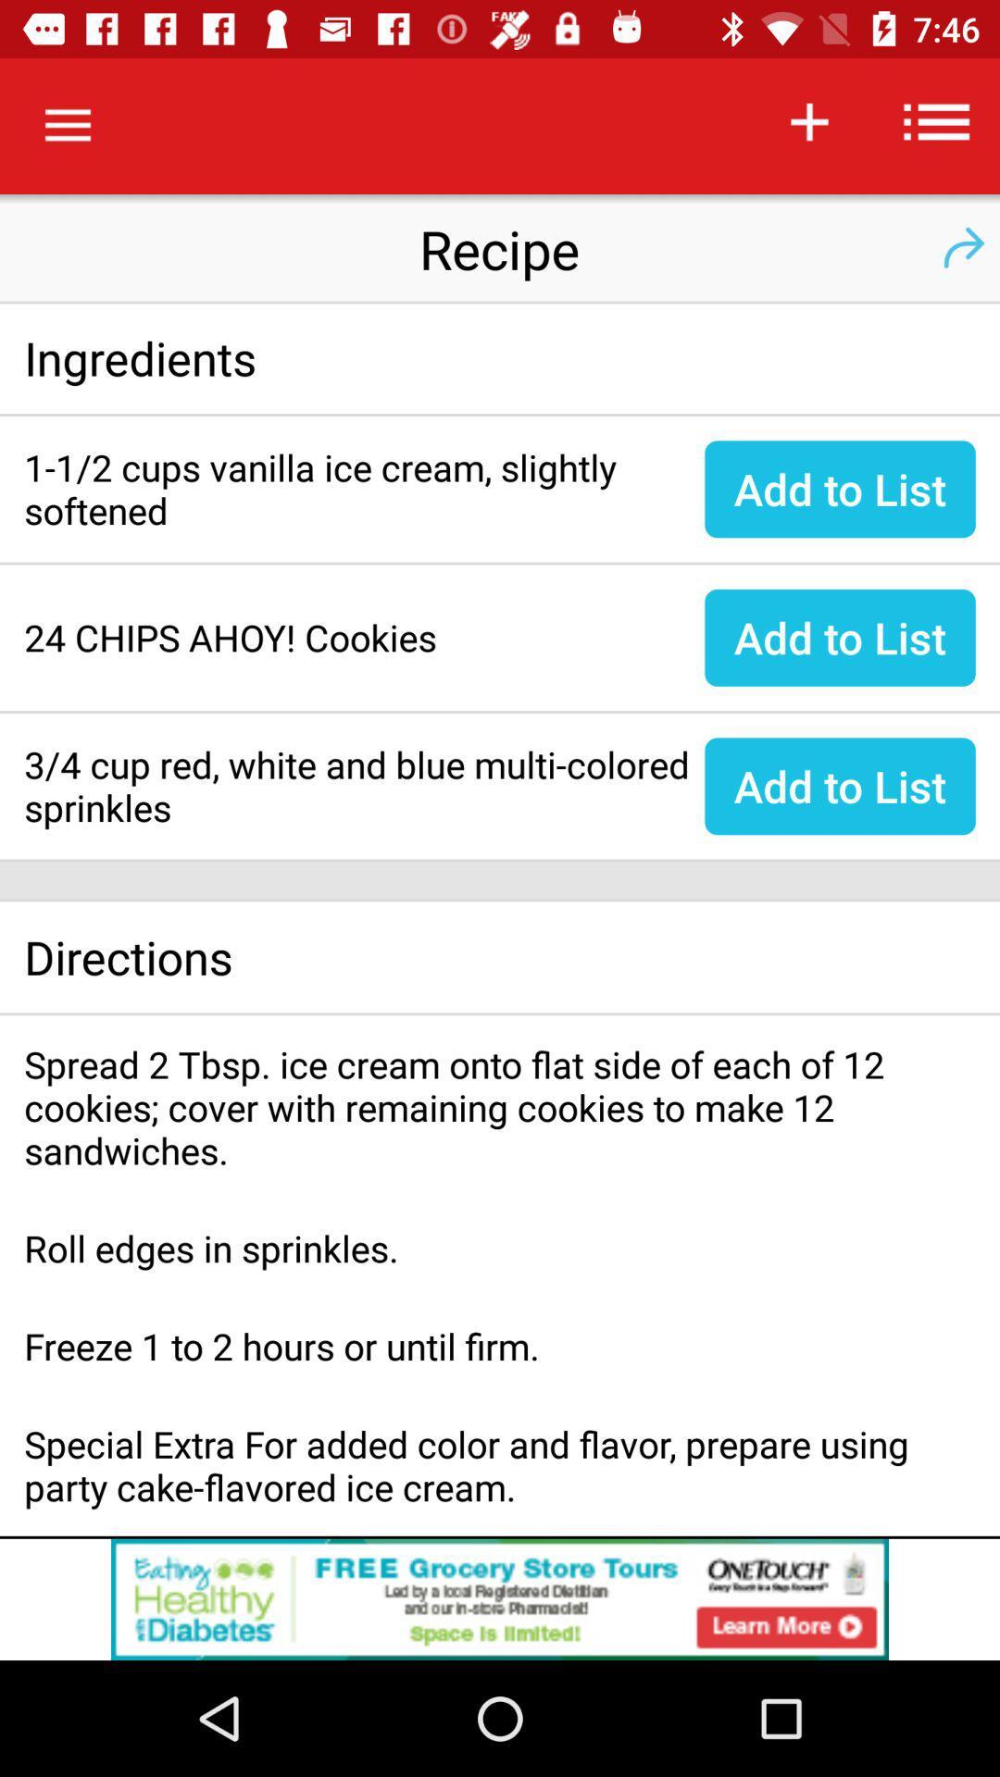 Image resolution: width=1000 pixels, height=1777 pixels. Describe the element at coordinates (500, 1598) in the screenshot. I see `the option` at that location.